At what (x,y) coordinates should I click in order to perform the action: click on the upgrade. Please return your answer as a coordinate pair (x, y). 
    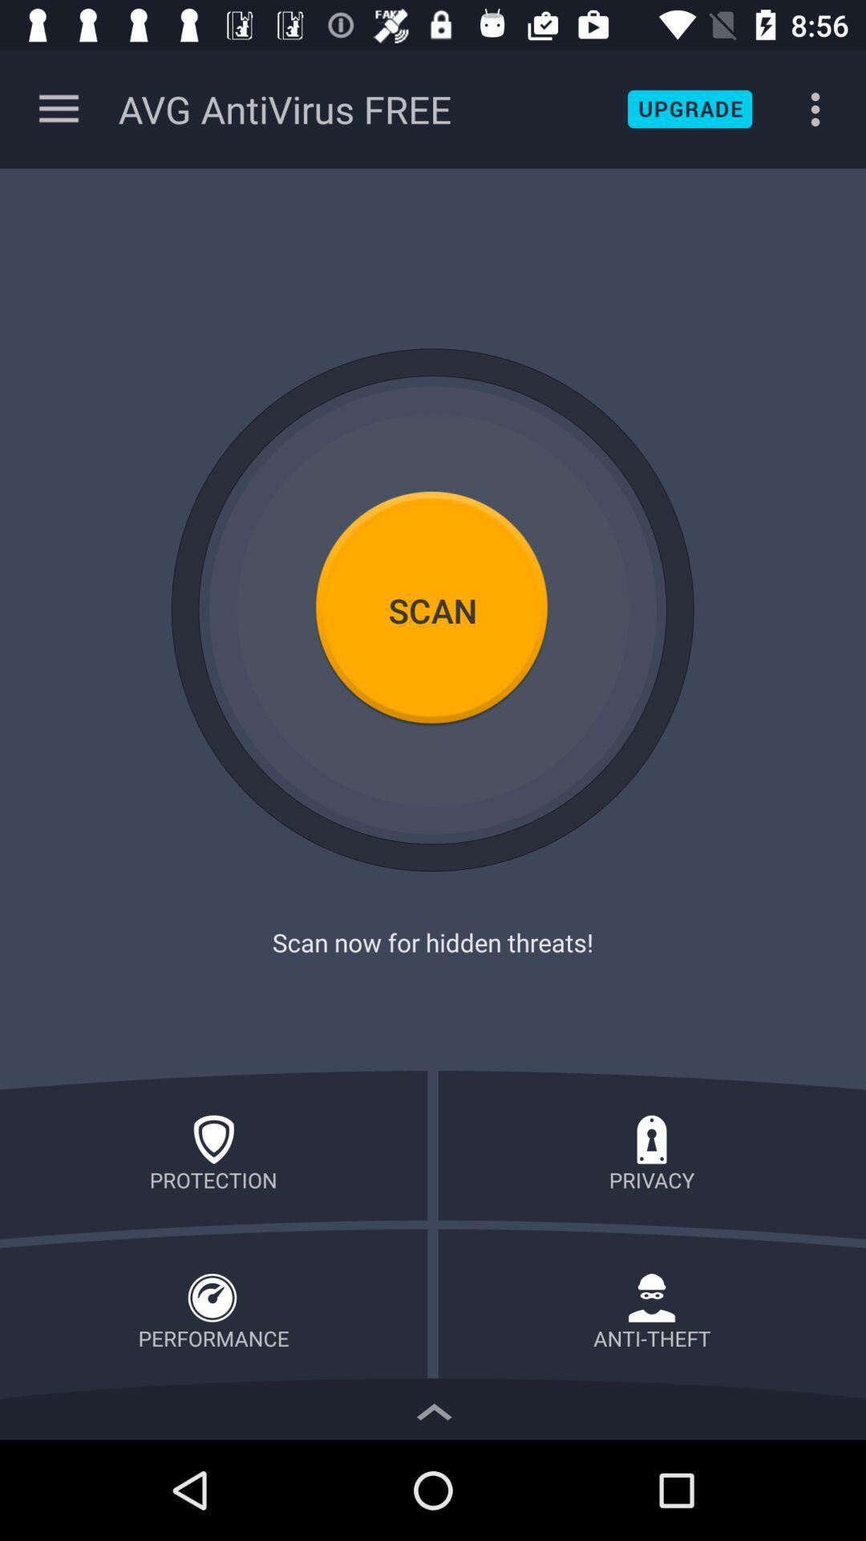
    Looking at the image, I should click on (689, 108).